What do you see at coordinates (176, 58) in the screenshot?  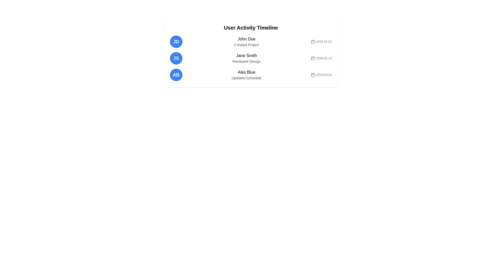 I see `the circular avatar with a blue background and initials 'JS' in white, located centrally in the second row of the user activity timeline` at bounding box center [176, 58].